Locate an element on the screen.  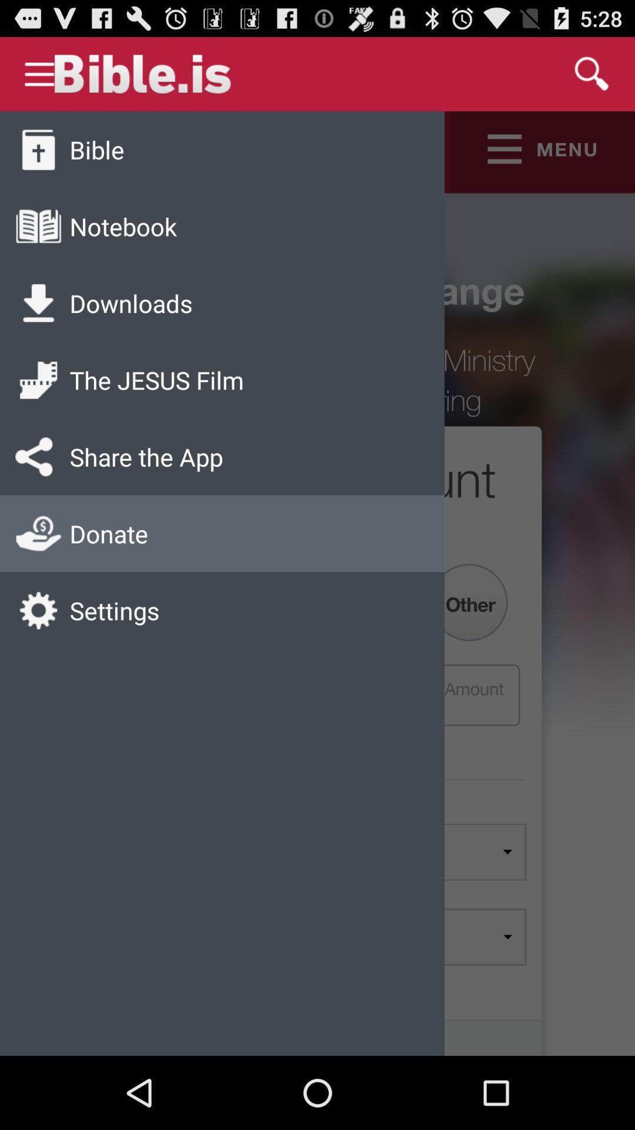
the bible icon is located at coordinates (96, 149).